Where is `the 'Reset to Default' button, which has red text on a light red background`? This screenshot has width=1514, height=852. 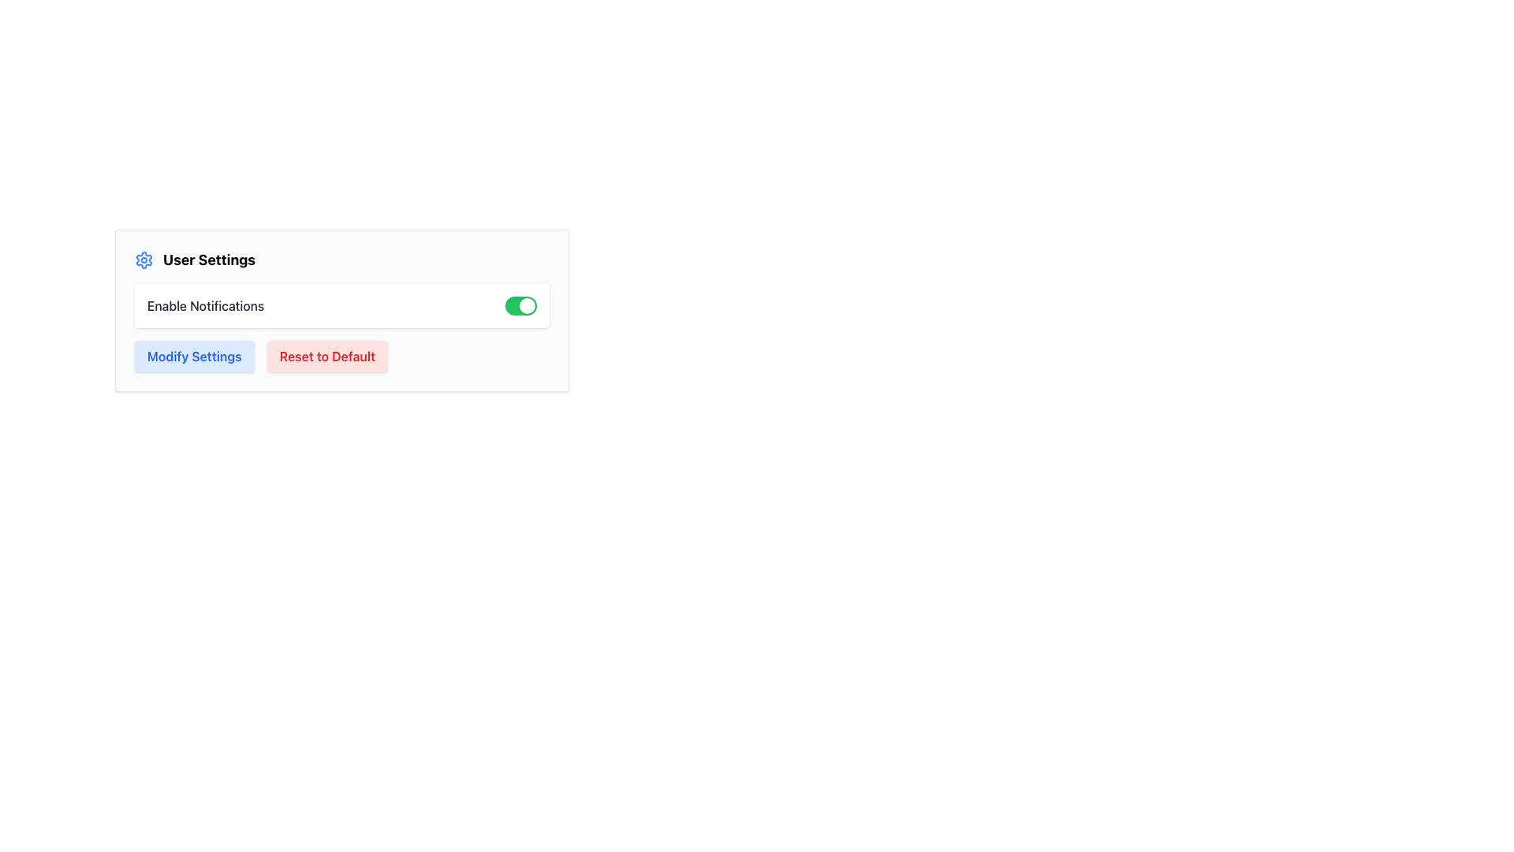
the 'Reset to Default' button, which has red text on a light red background is located at coordinates (326, 356).